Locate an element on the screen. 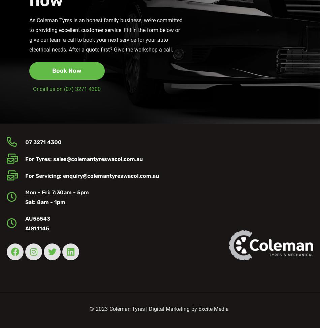  'AIS11145' is located at coordinates (37, 228).